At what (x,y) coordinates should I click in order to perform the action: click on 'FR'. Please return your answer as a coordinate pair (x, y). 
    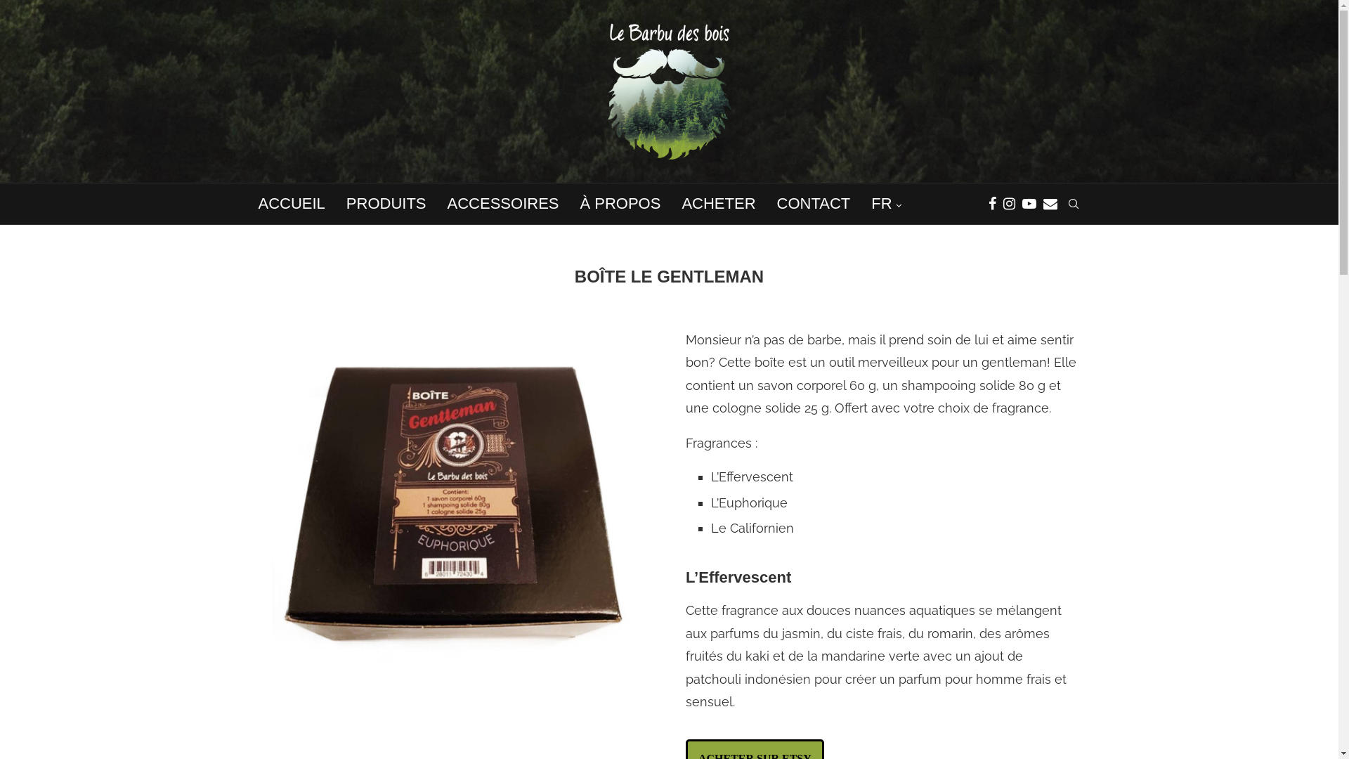
    Looking at the image, I should click on (885, 205).